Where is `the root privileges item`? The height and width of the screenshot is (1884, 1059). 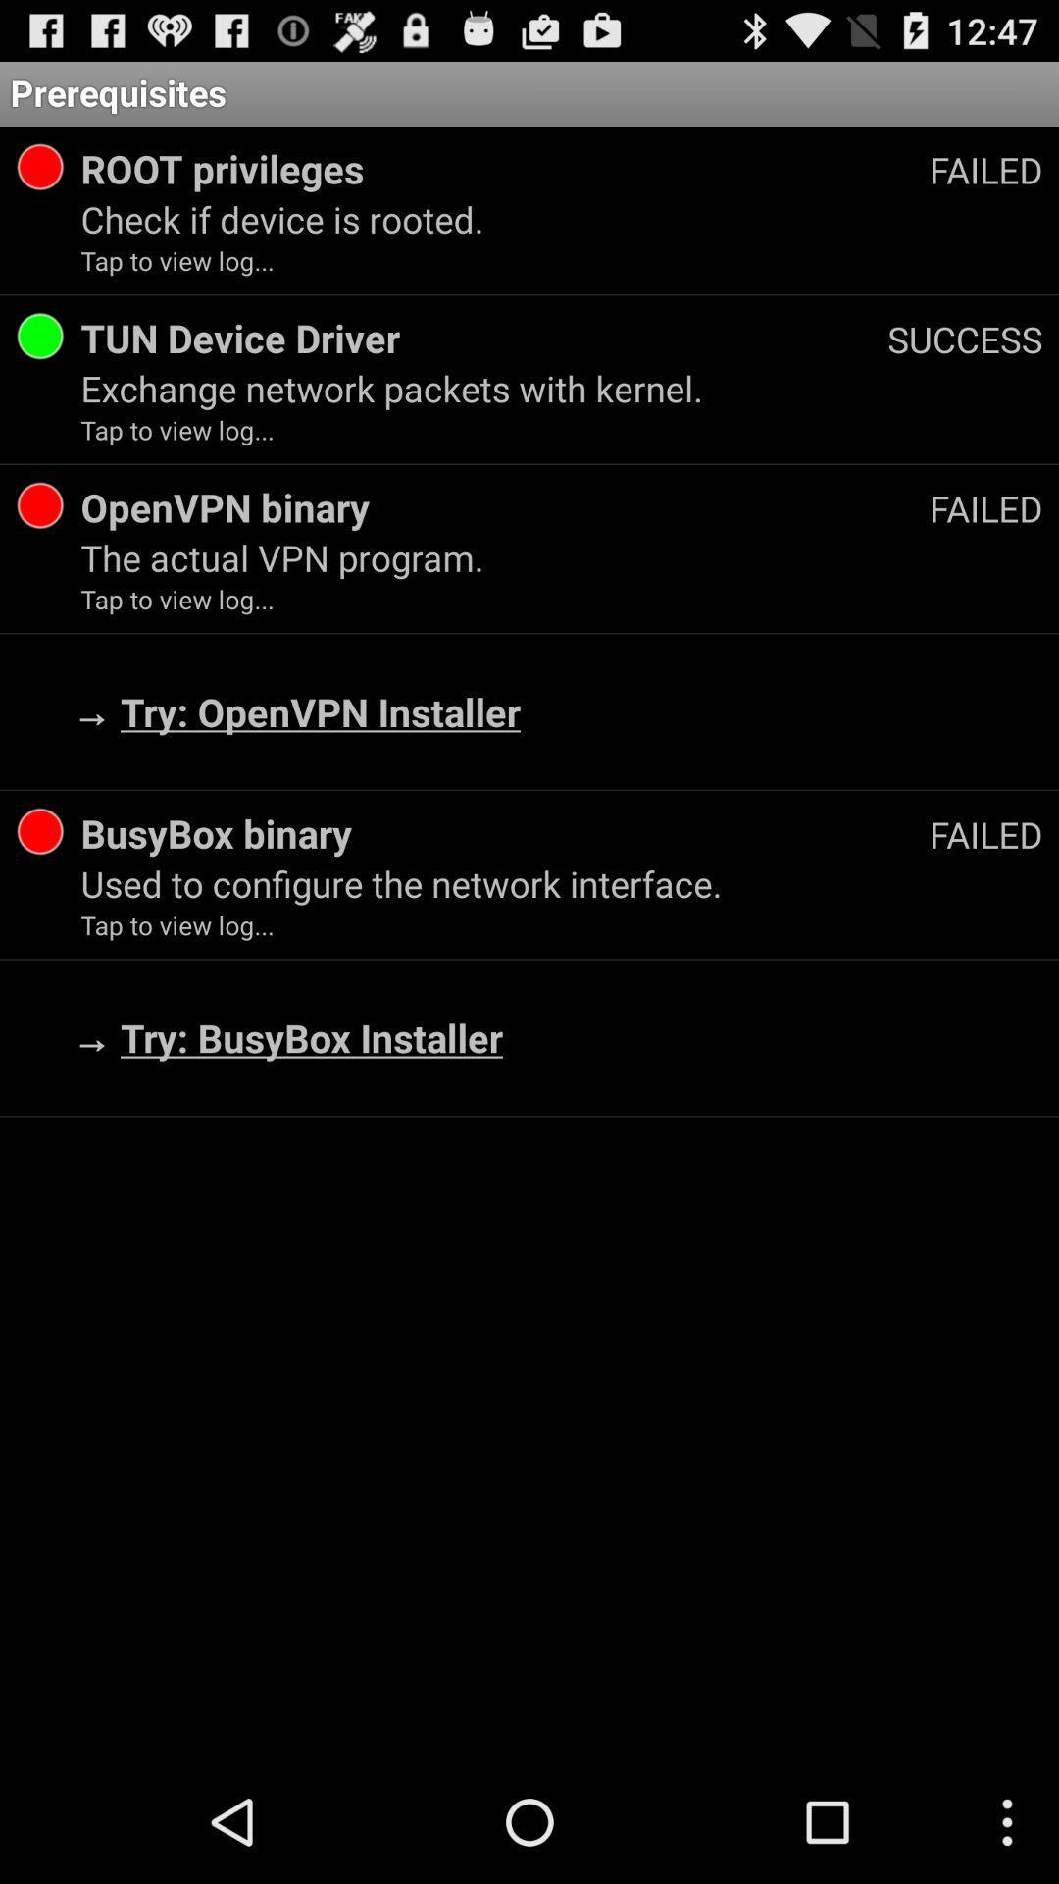
the root privileges item is located at coordinates (504, 169).